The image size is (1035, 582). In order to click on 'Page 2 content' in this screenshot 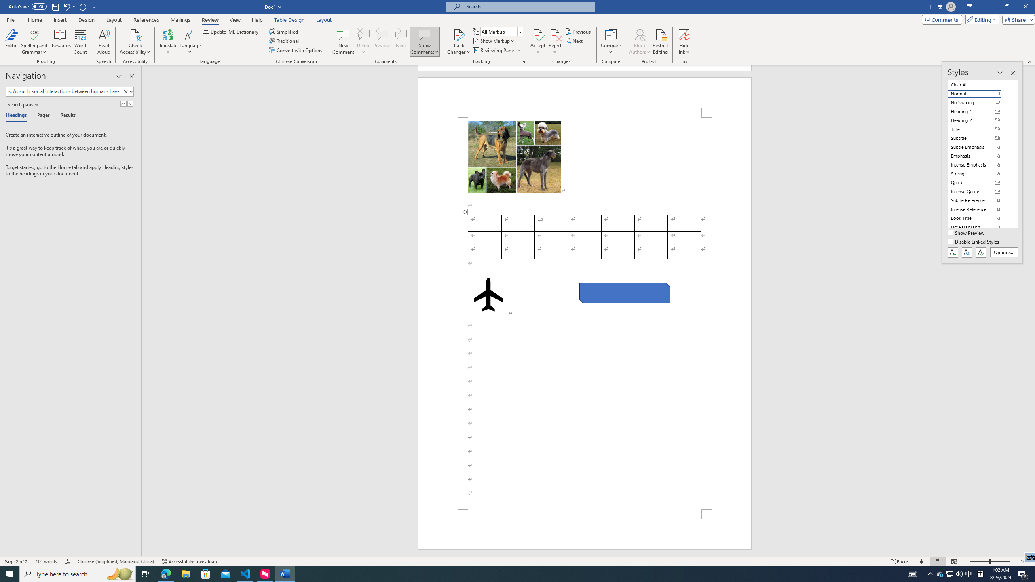, I will do `click(585, 313)`.